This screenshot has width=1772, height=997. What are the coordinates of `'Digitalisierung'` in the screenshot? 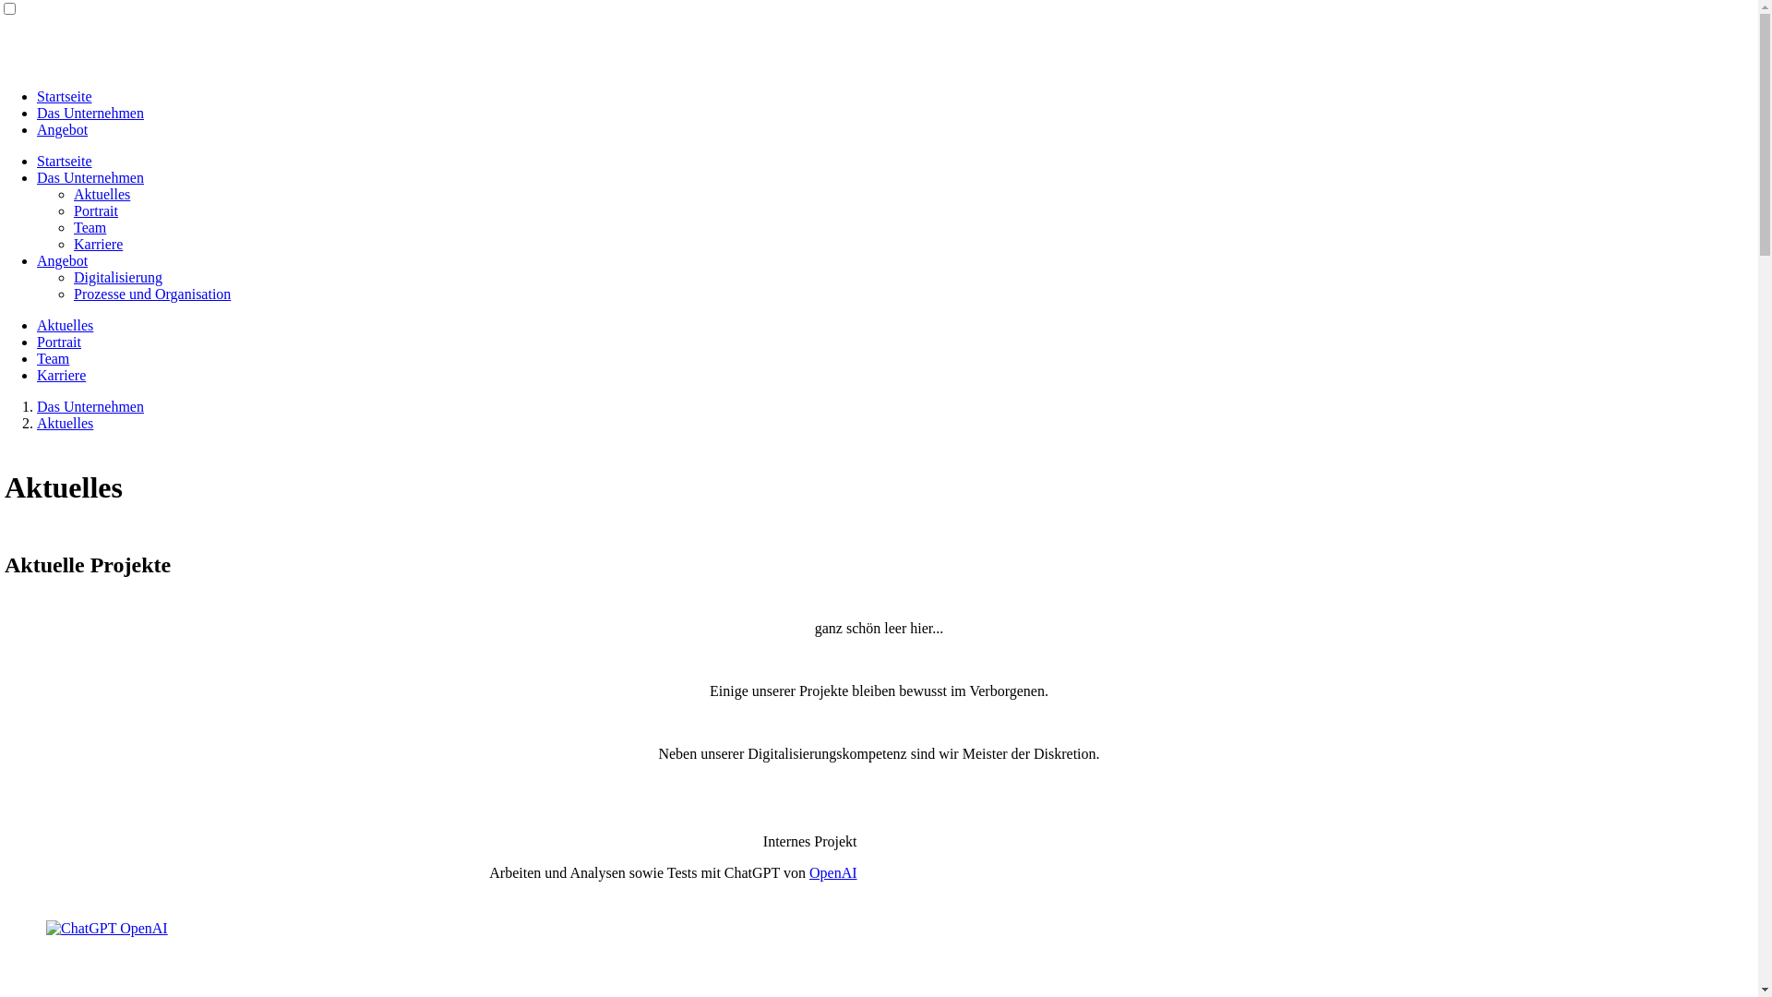 It's located at (117, 277).